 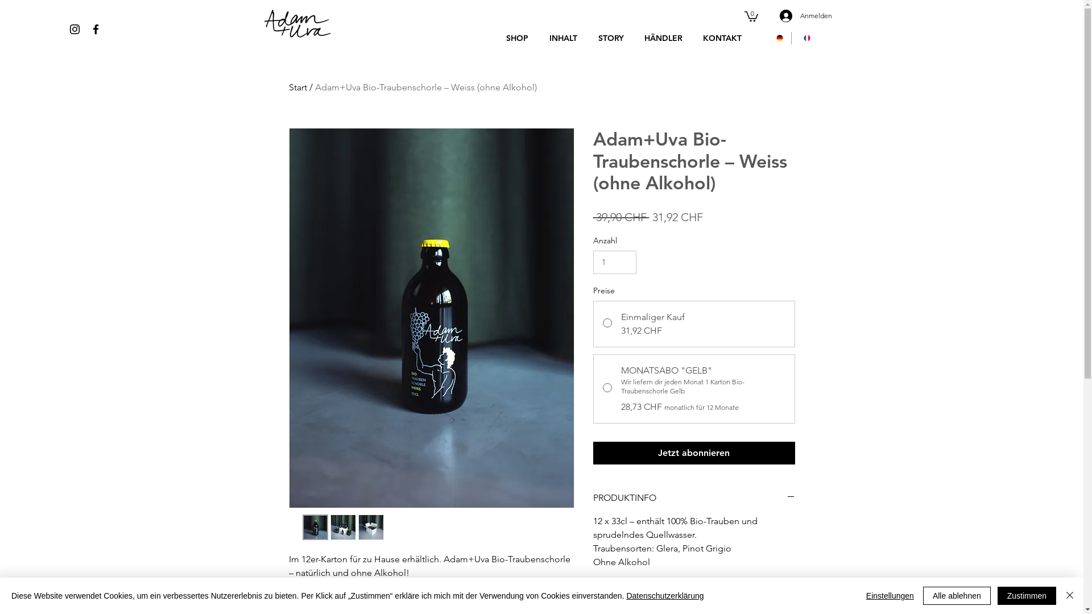 What do you see at coordinates (956, 595) in the screenshot?
I see `'Alle ablehnen'` at bounding box center [956, 595].